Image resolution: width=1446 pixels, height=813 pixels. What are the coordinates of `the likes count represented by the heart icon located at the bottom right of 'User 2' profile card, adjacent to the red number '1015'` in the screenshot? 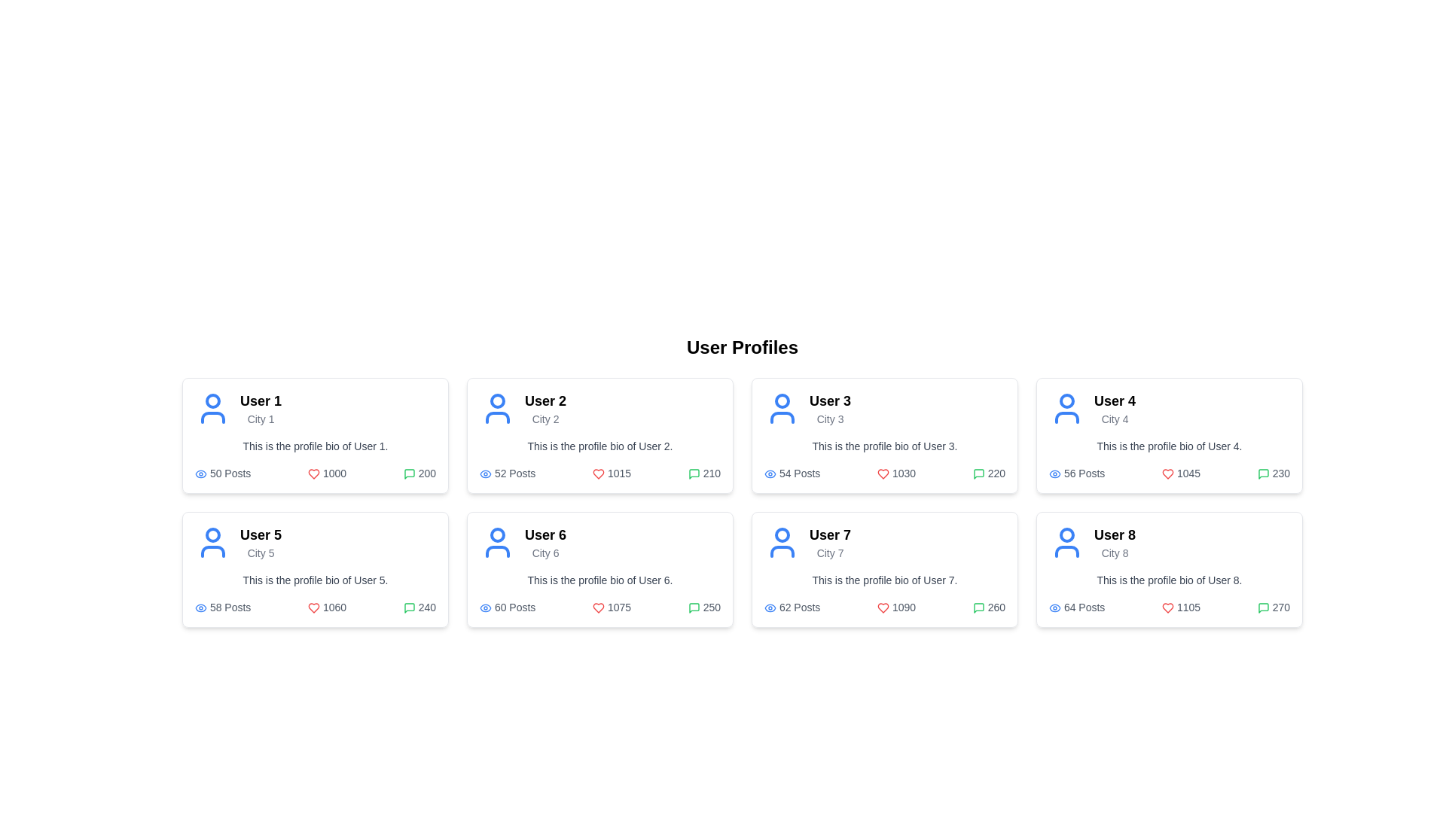 It's located at (598, 474).